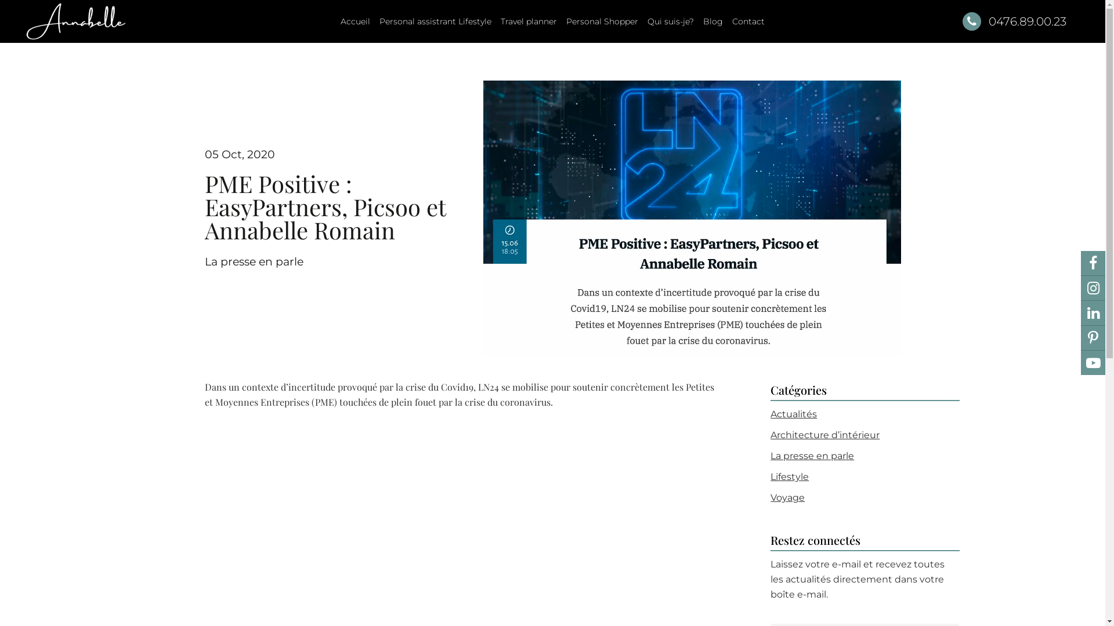 The width and height of the screenshot is (1114, 626). Describe the element at coordinates (671, 21) in the screenshot. I see `'Qui suis-je?'` at that location.